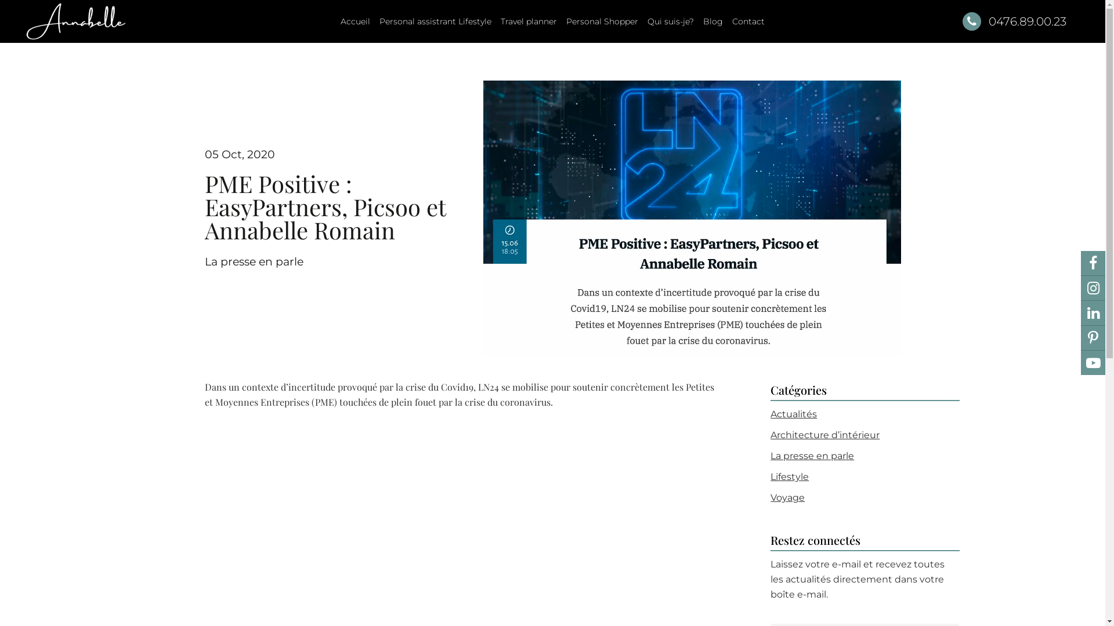 The width and height of the screenshot is (1114, 626). Describe the element at coordinates (671, 21) in the screenshot. I see `'Qui suis-je?'` at that location.